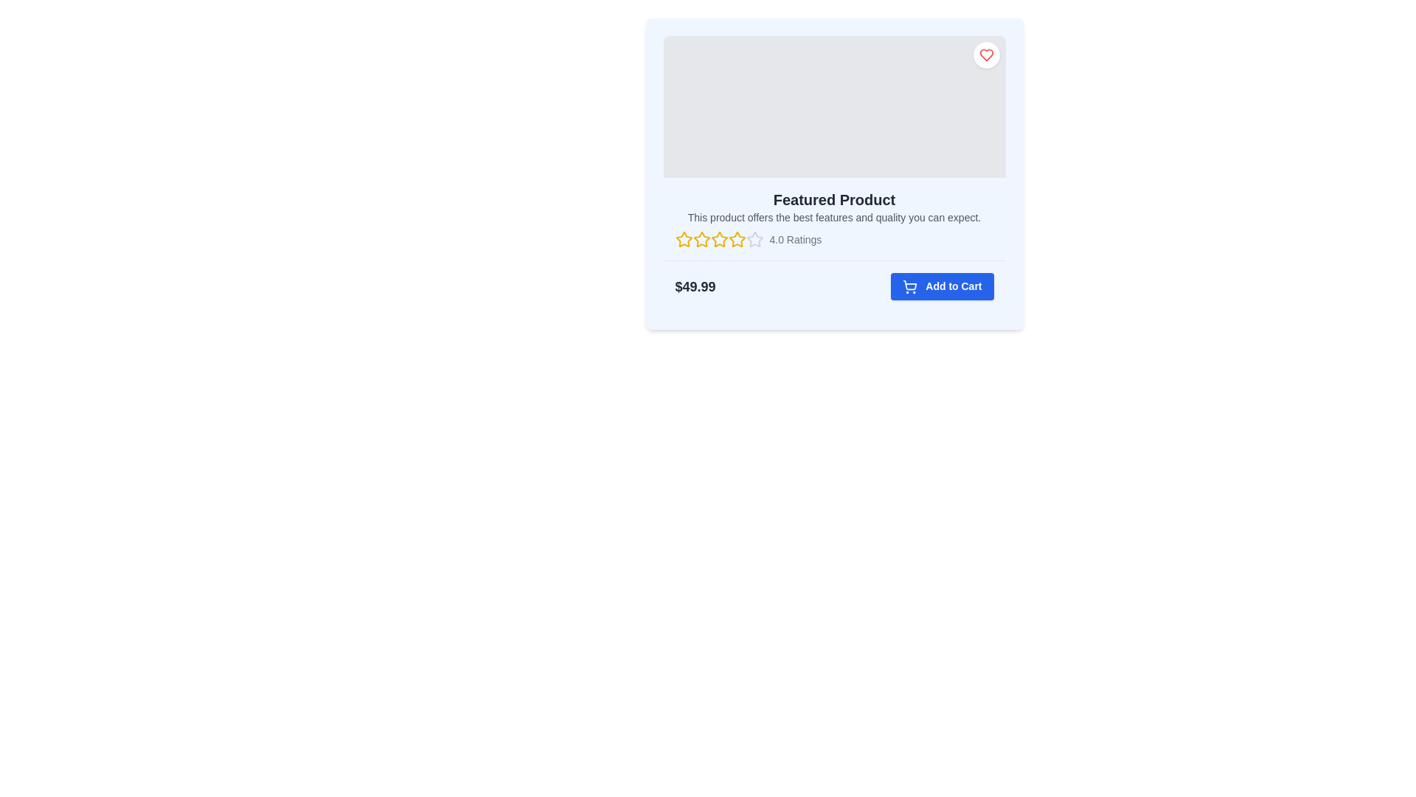 Image resolution: width=1416 pixels, height=797 pixels. Describe the element at coordinates (834, 217) in the screenshot. I see `the Text Label that provides a description of the featured product, positioned below the 'Featured Product' title and above the star rating component` at that location.